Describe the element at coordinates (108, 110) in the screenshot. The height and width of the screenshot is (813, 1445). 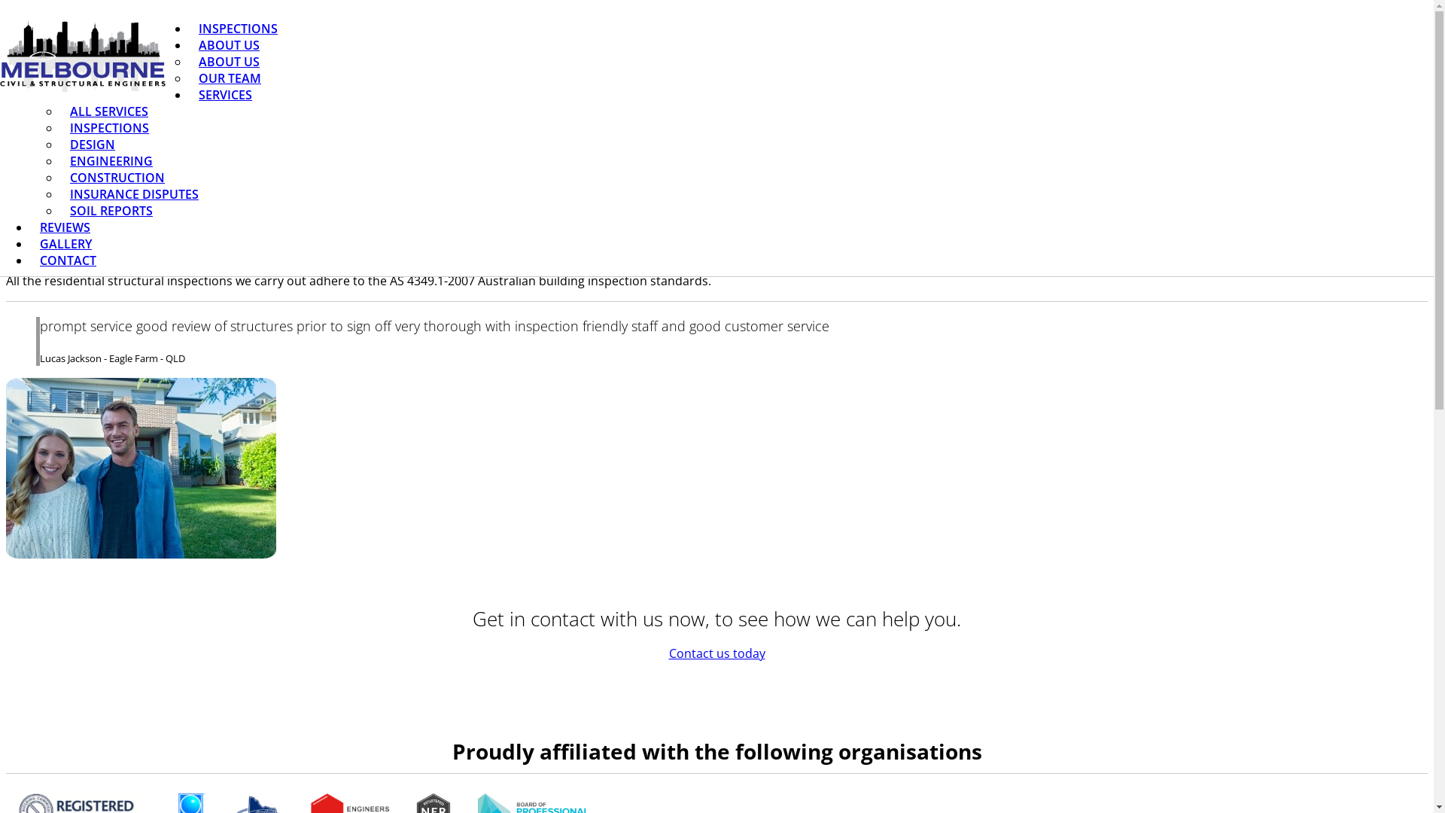
I see `'ALL SERVICES'` at that location.